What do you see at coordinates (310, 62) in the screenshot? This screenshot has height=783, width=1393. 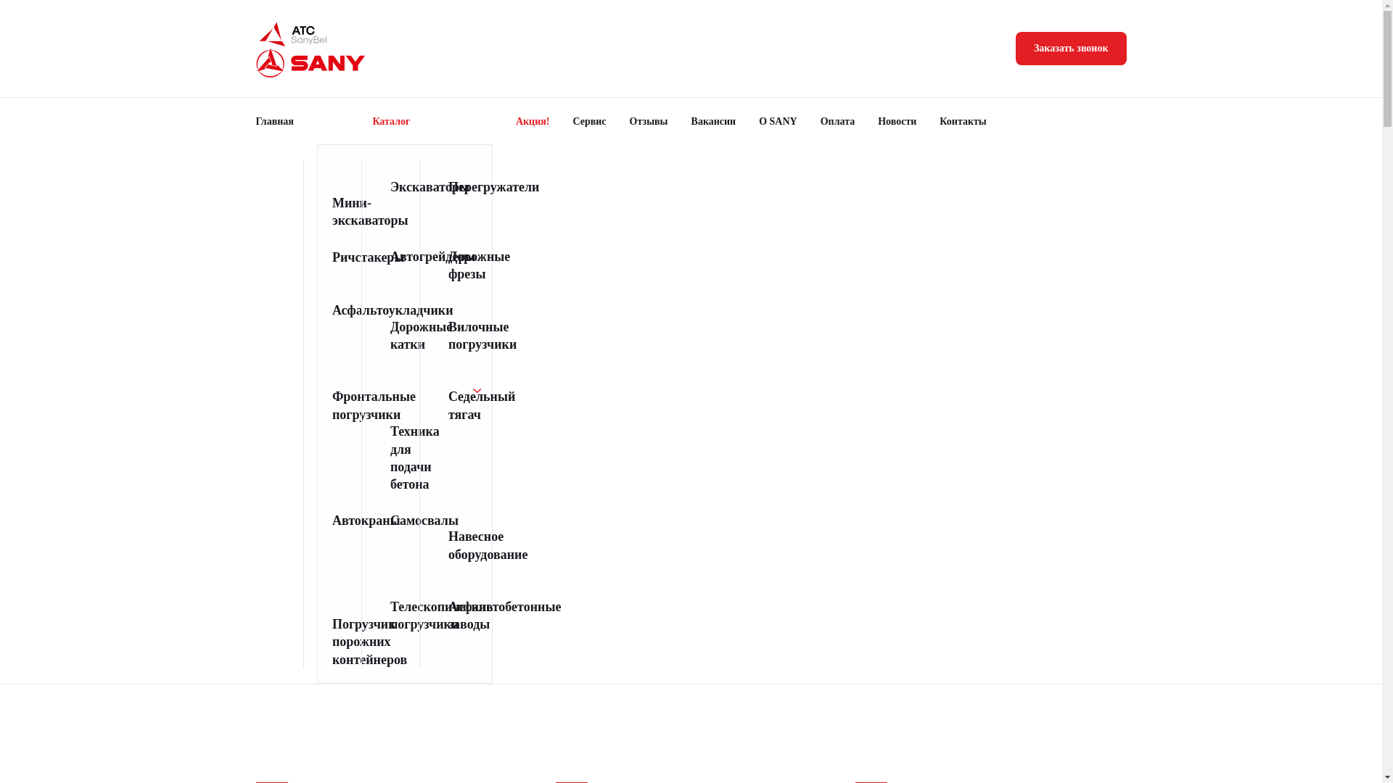 I see `'Sany'` at bounding box center [310, 62].